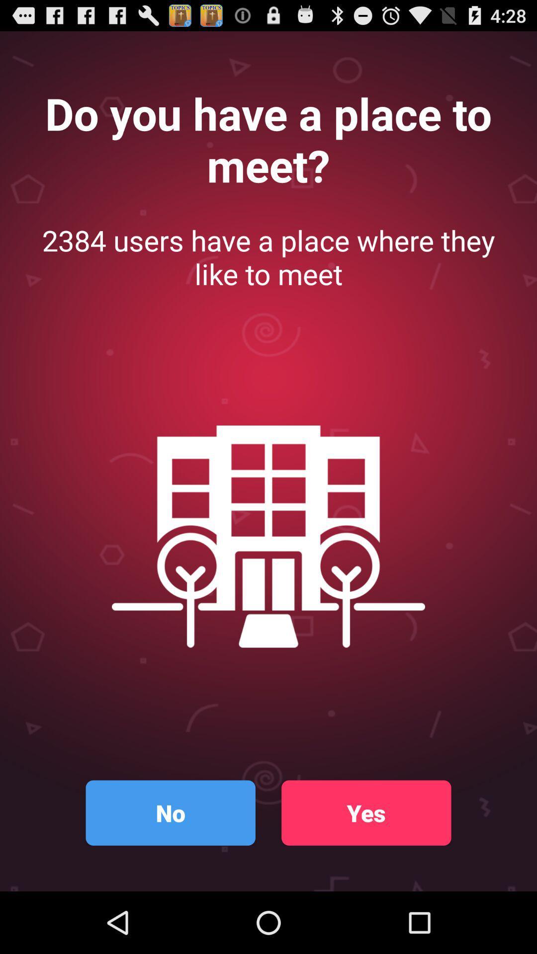  What do you see at coordinates (366, 813) in the screenshot?
I see `item at the bottom right corner` at bounding box center [366, 813].